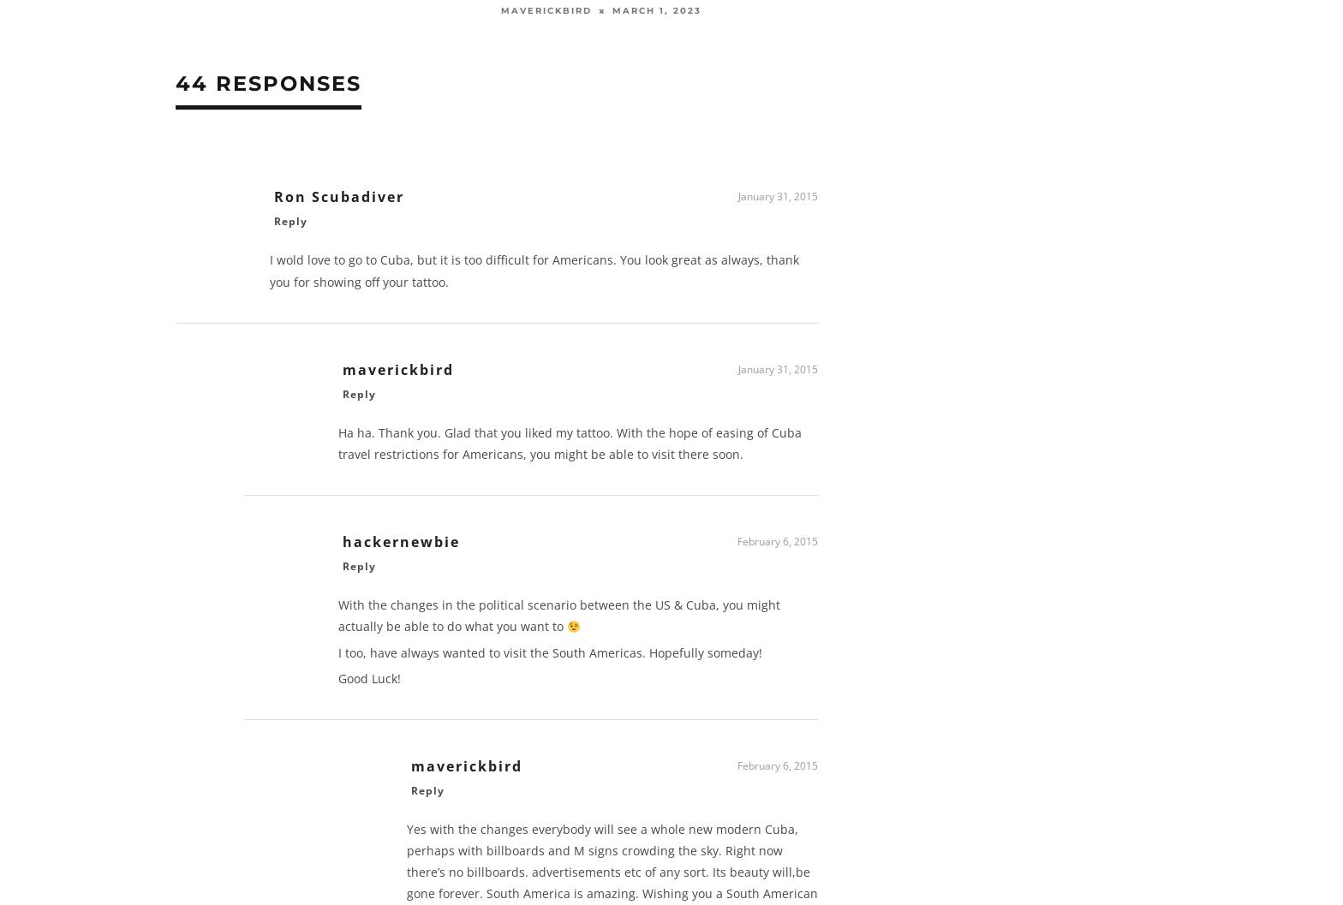  Describe the element at coordinates (550, 658) in the screenshot. I see `'I too, have always wanted to visit the South Americas. Hopefully someday!'` at that location.